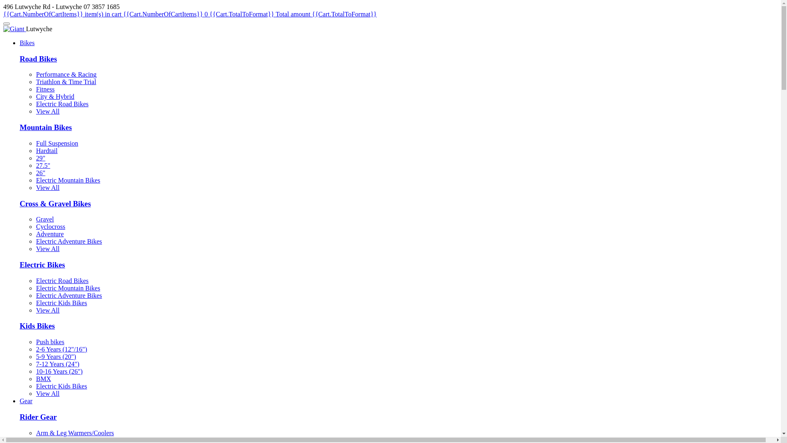 This screenshot has width=787, height=443. I want to click on 'Hardtail', so click(46, 151).